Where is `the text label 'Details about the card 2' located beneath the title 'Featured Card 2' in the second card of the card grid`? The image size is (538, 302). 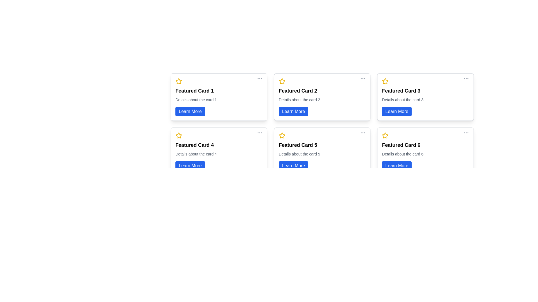
the text label 'Details about the card 2' located beneath the title 'Featured Card 2' in the second card of the card grid is located at coordinates (299, 100).